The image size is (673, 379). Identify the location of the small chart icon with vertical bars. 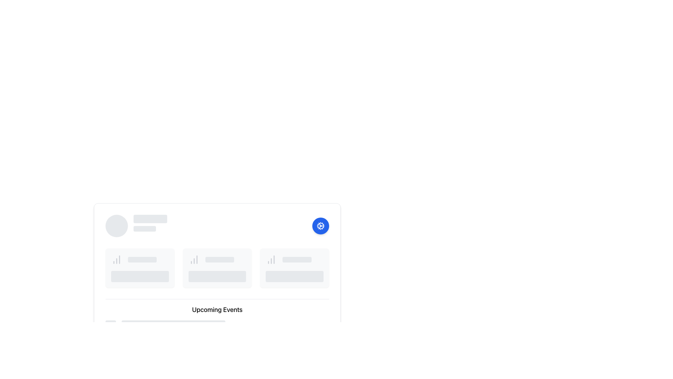
(116, 260).